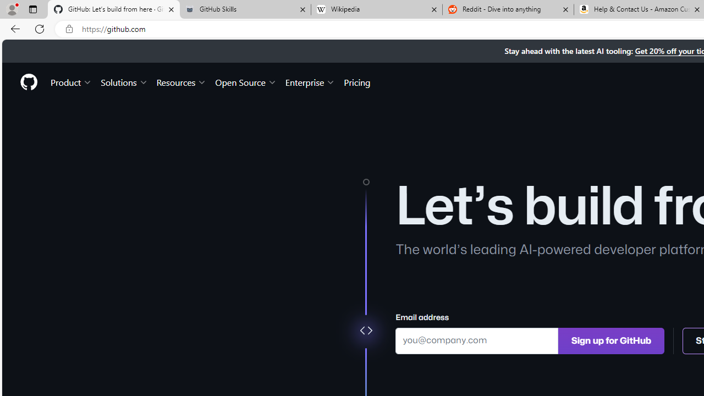 Image resolution: width=704 pixels, height=396 pixels. What do you see at coordinates (357, 81) in the screenshot?
I see `'Pricing'` at bounding box center [357, 81].